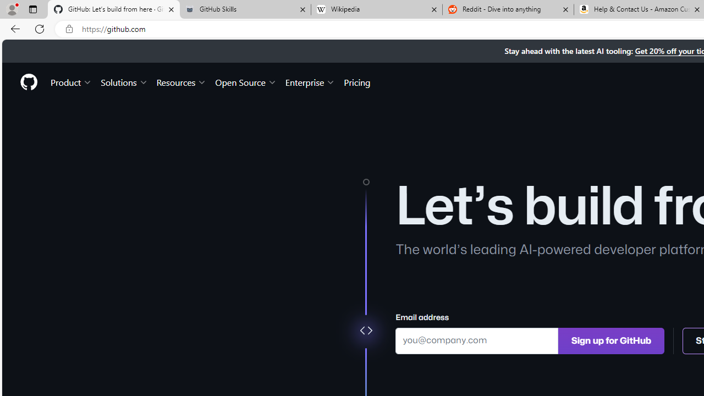 Image resolution: width=704 pixels, height=396 pixels. What do you see at coordinates (357, 81) in the screenshot?
I see `'Pricing'` at bounding box center [357, 81].